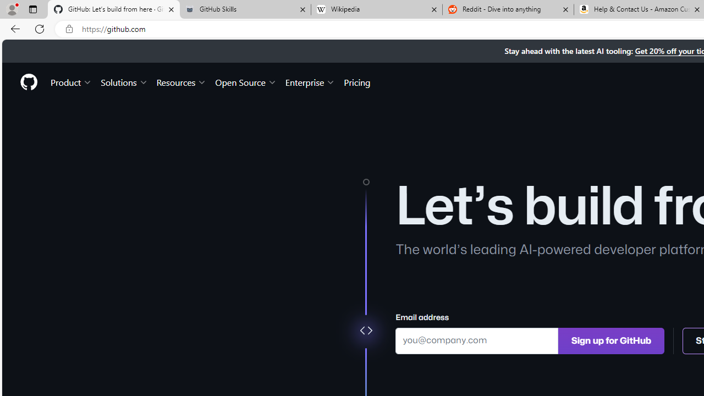 Image resolution: width=704 pixels, height=396 pixels. What do you see at coordinates (357, 81) in the screenshot?
I see `'Pricing'` at bounding box center [357, 81].